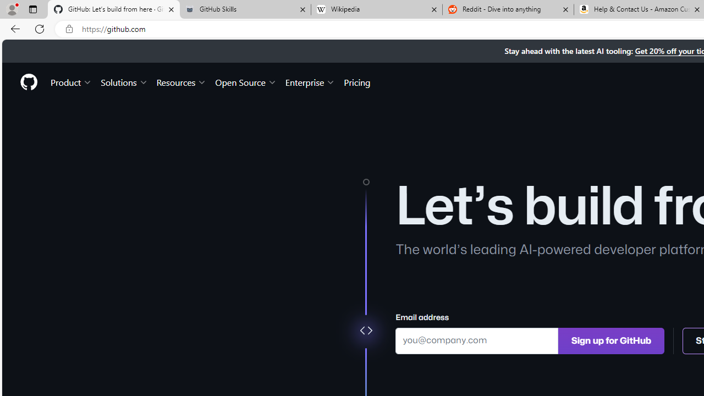 Image resolution: width=704 pixels, height=396 pixels. What do you see at coordinates (357, 81) in the screenshot?
I see `'Pricing'` at bounding box center [357, 81].